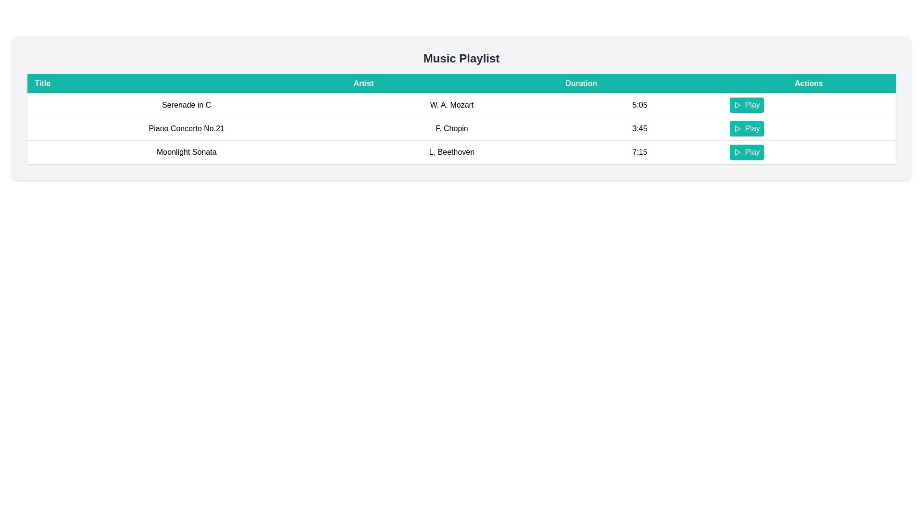 Image resolution: width=923 pixels, height=519 pixels. I want to click on the text label displaying the duration of the song 'Serenade in C' by W. A. Mozart, located in the second row of the playlist table within the 'Duration' column, so click(640, 105).